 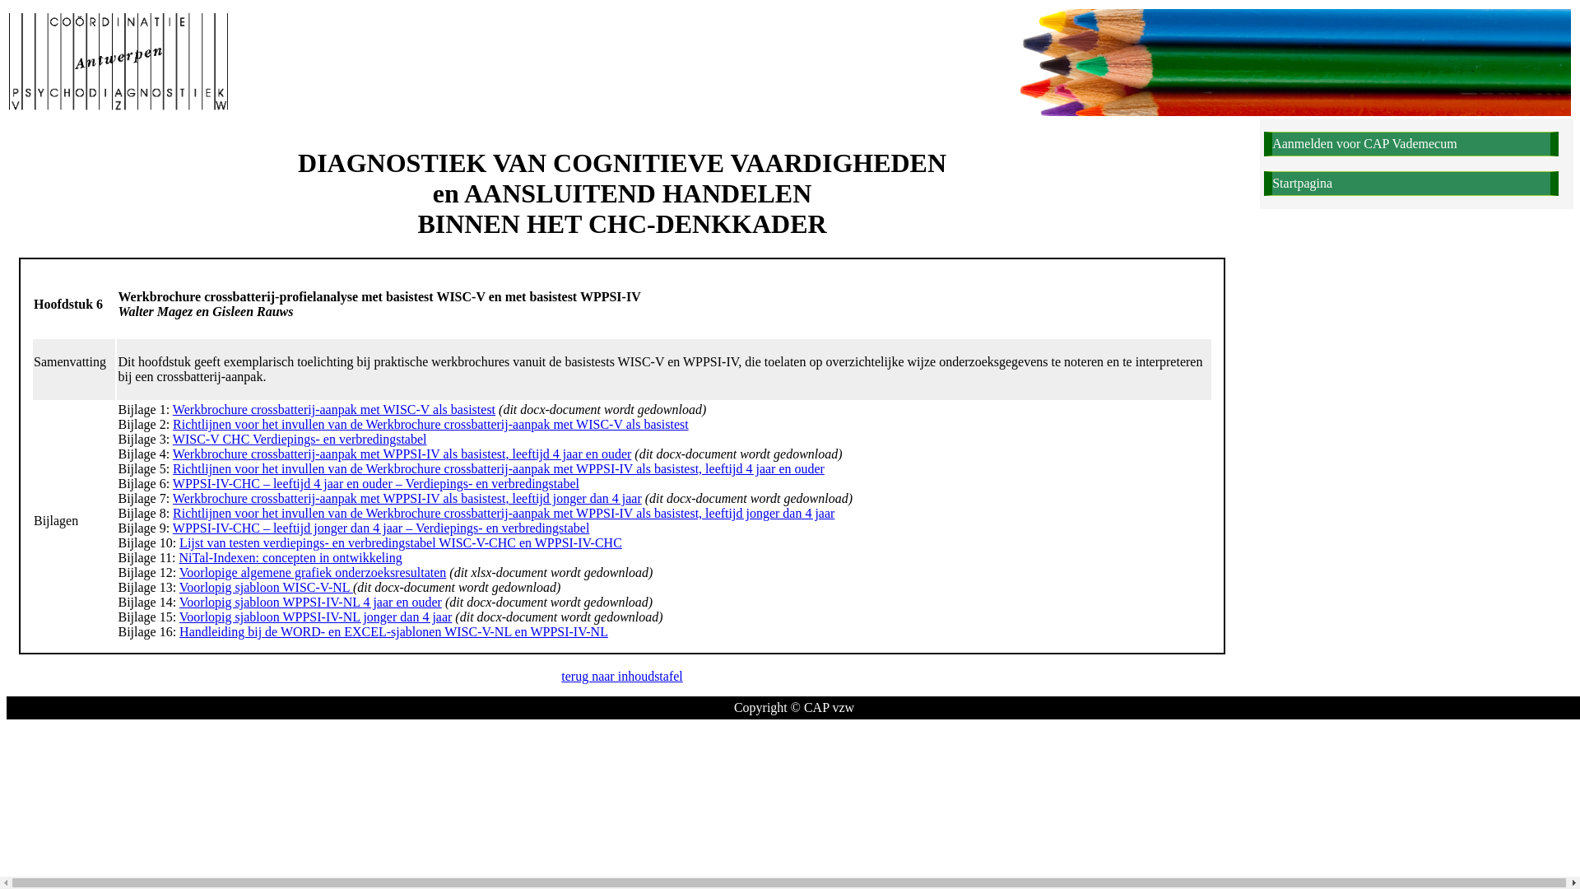 What do you see at coordinates (1263, 184) in the screenshot?
I see `'Startpagina'` at bounding box center [1263, 184].